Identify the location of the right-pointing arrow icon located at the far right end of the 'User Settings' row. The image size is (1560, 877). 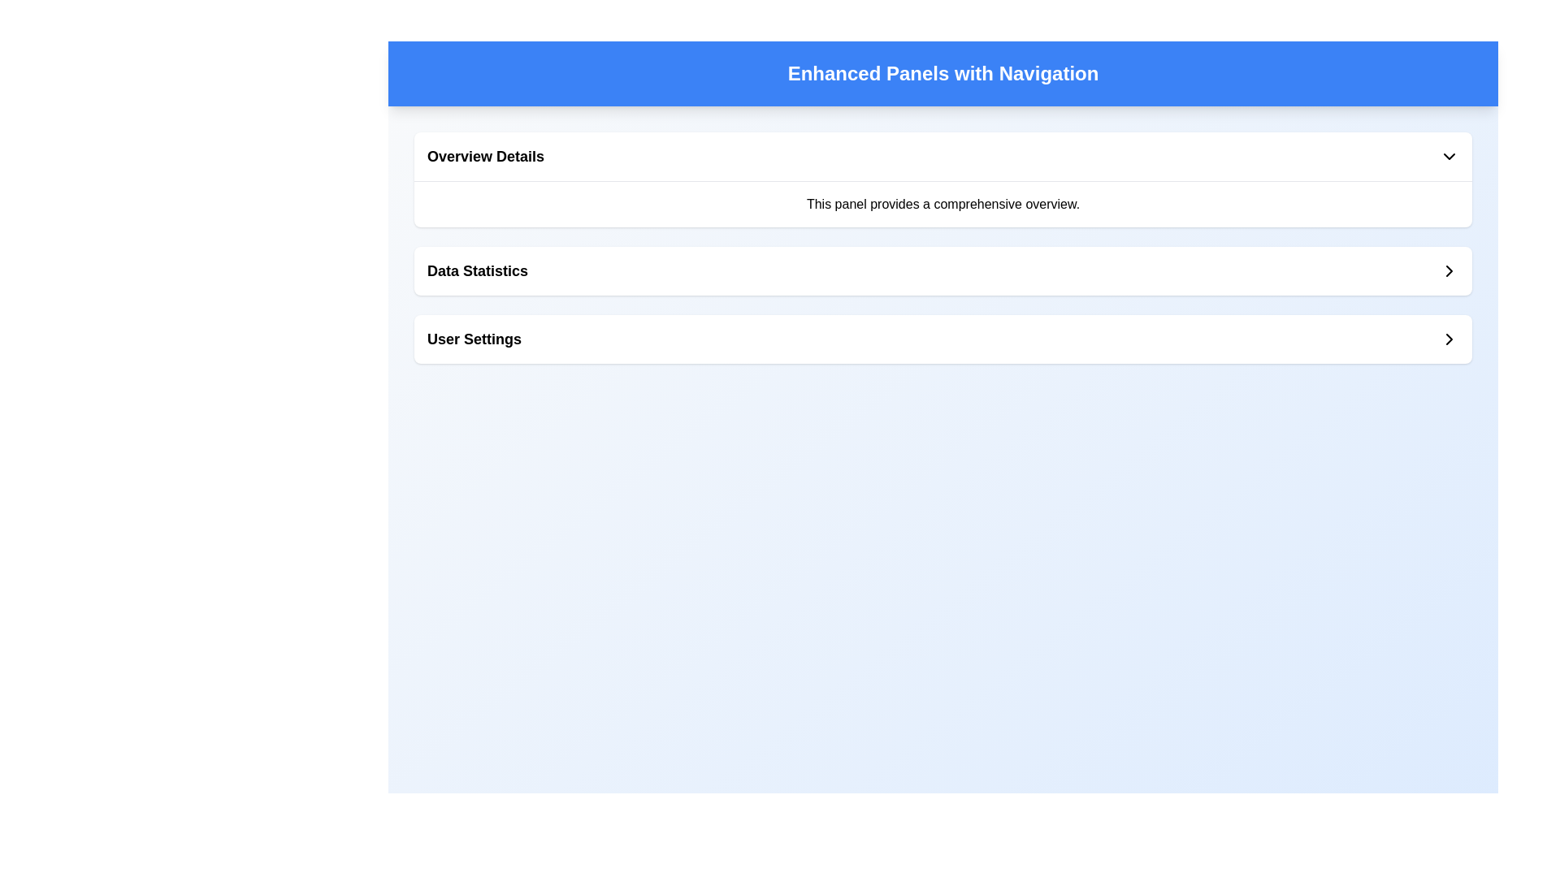
(1449, 338).